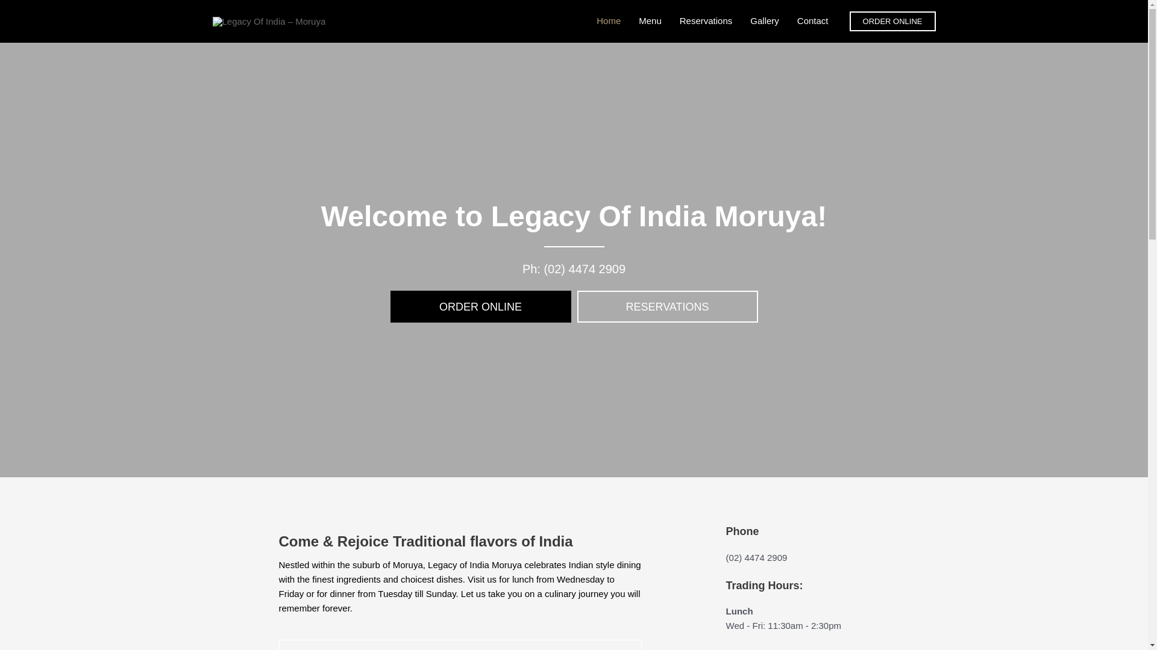 The image size is (1157, 650). Describe the element at coordinates (763, 20) in the screenshot. I see `'Gallery'` at that location.